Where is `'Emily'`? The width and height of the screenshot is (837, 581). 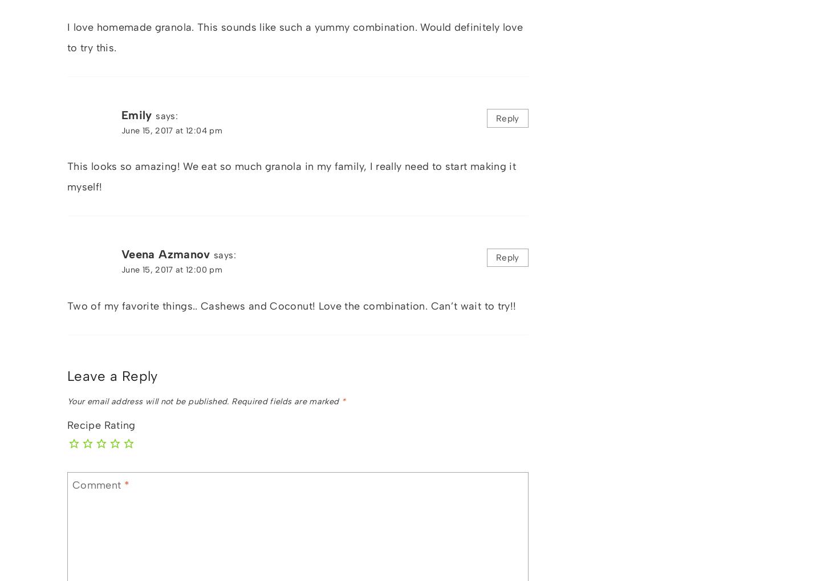 'Emily' is located at coordinates (136, 114).